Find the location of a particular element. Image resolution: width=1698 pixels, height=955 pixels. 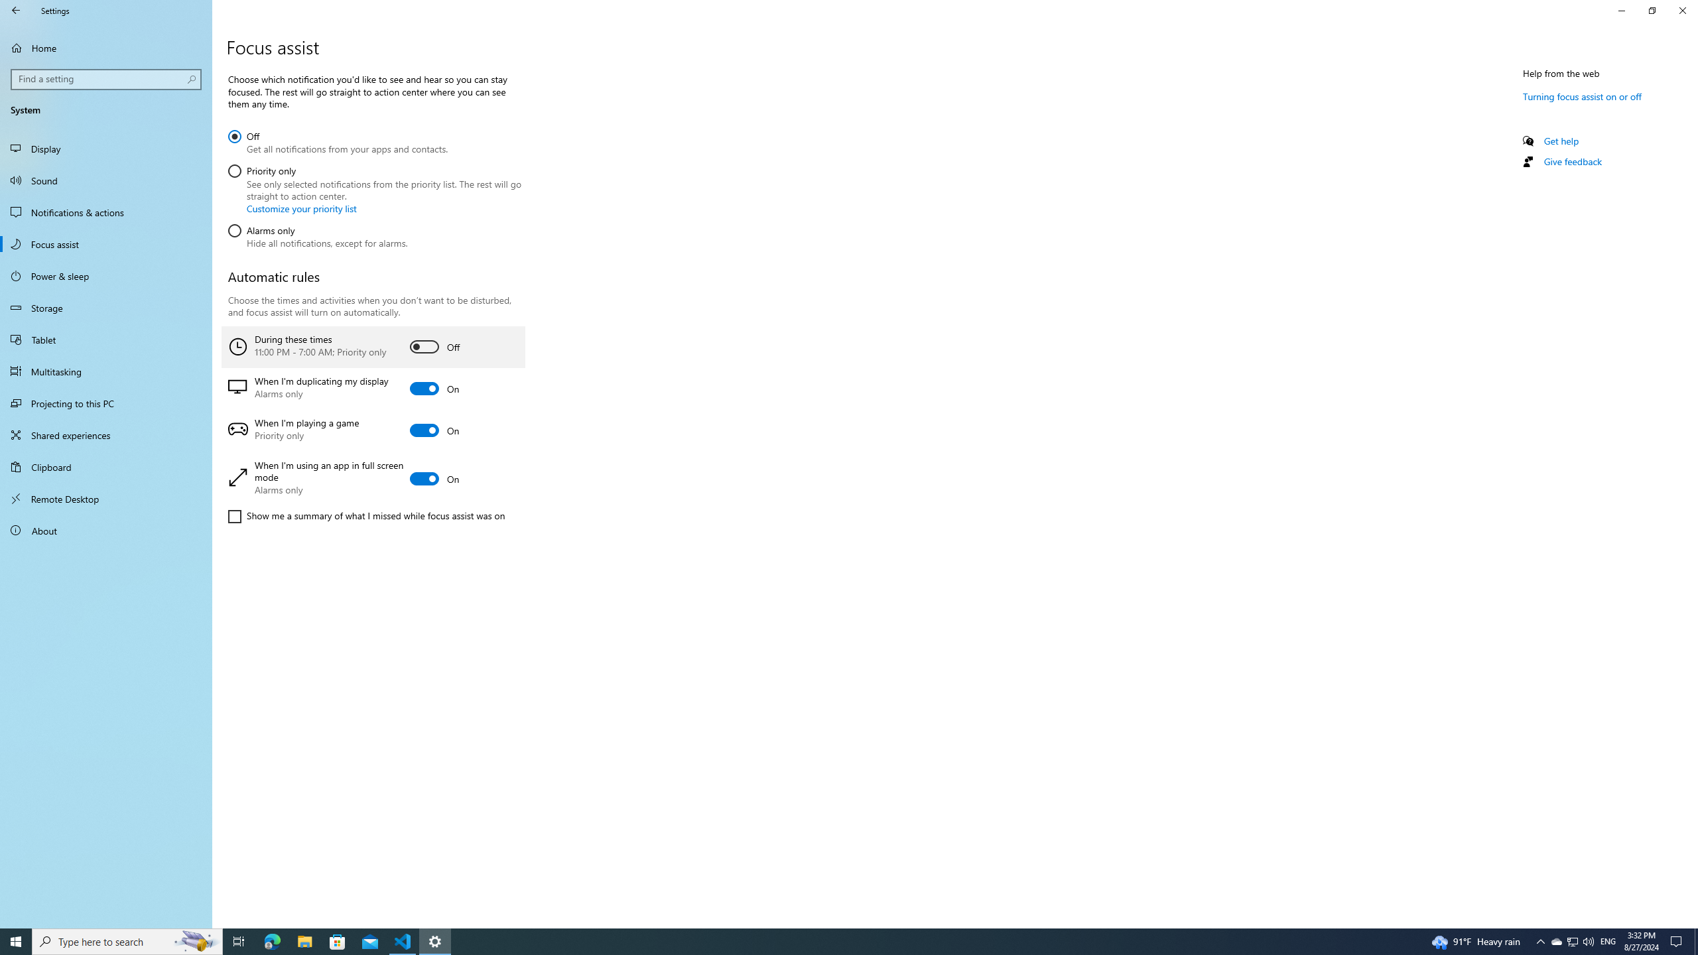

'Back' is located at coordinates (16, 10).